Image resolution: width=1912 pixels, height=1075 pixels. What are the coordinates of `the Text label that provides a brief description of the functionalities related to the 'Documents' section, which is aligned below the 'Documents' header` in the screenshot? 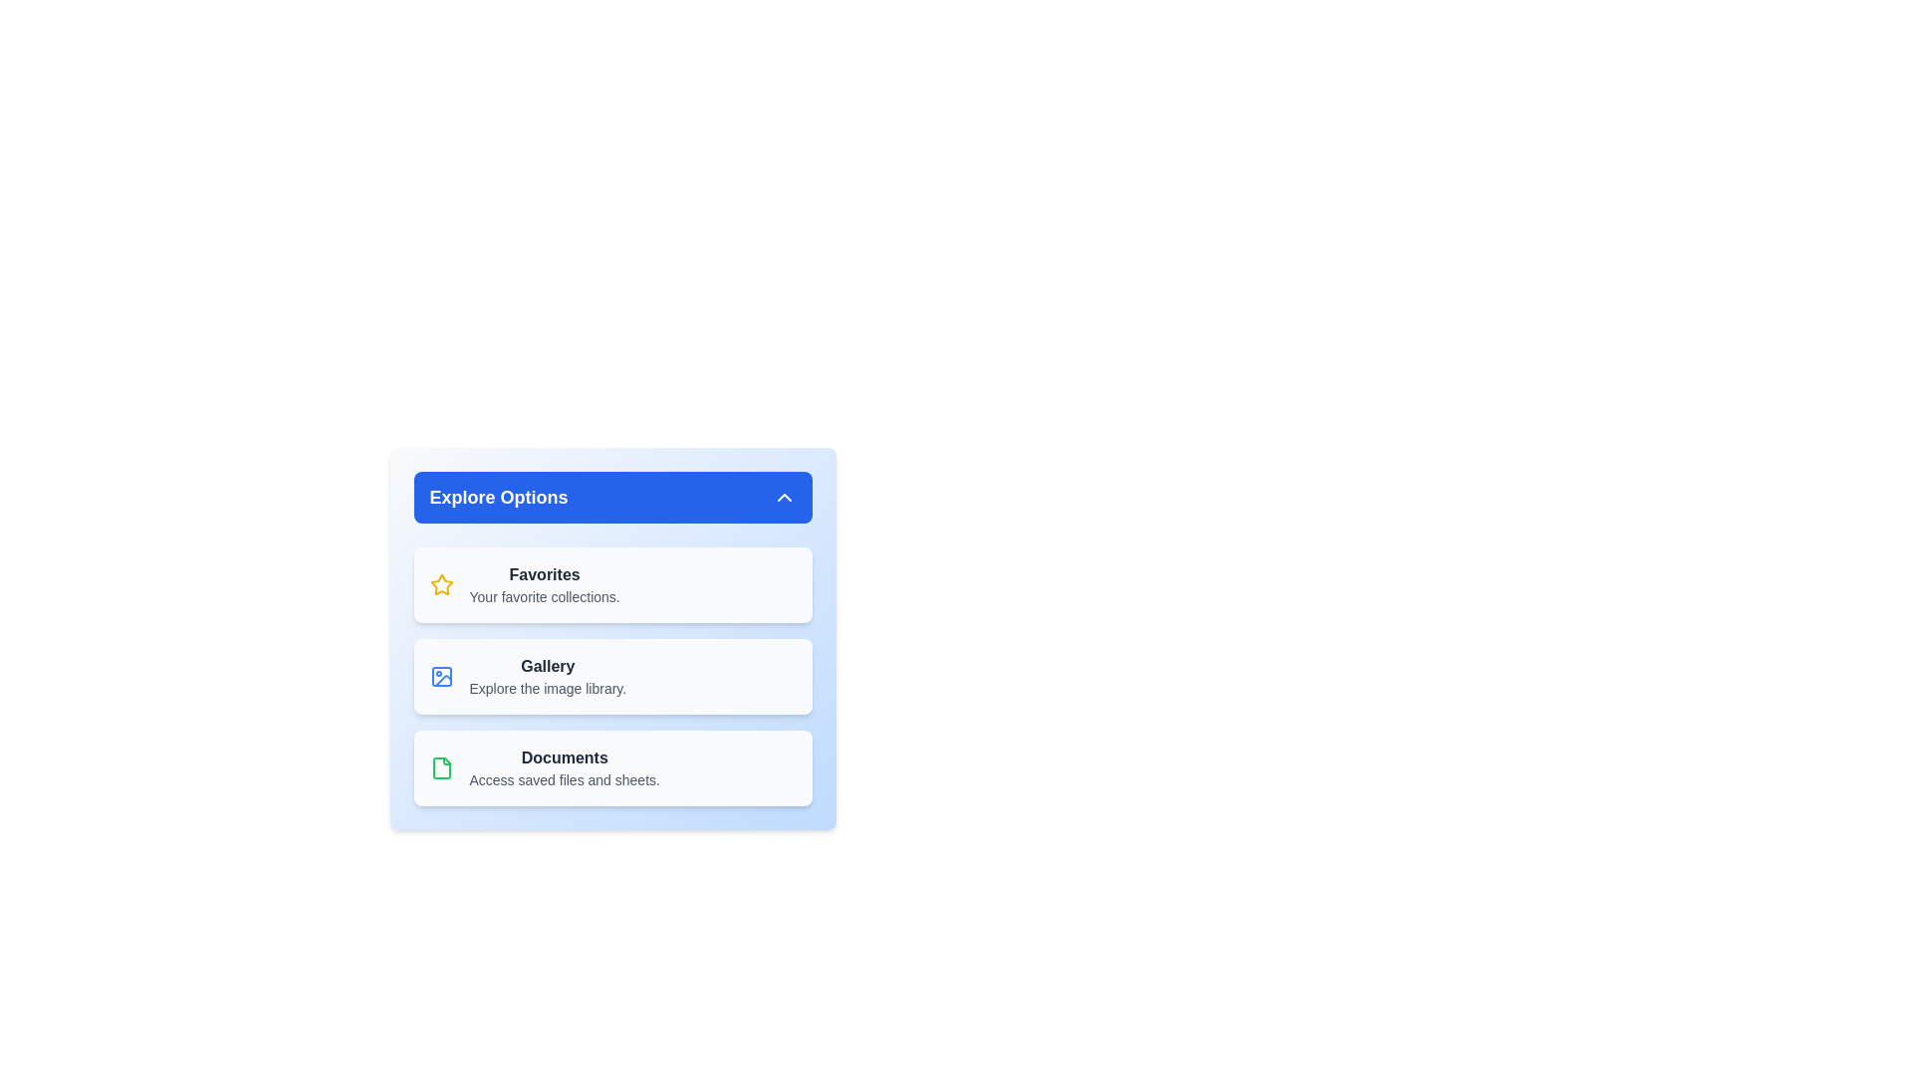 It's located at (564, 778).